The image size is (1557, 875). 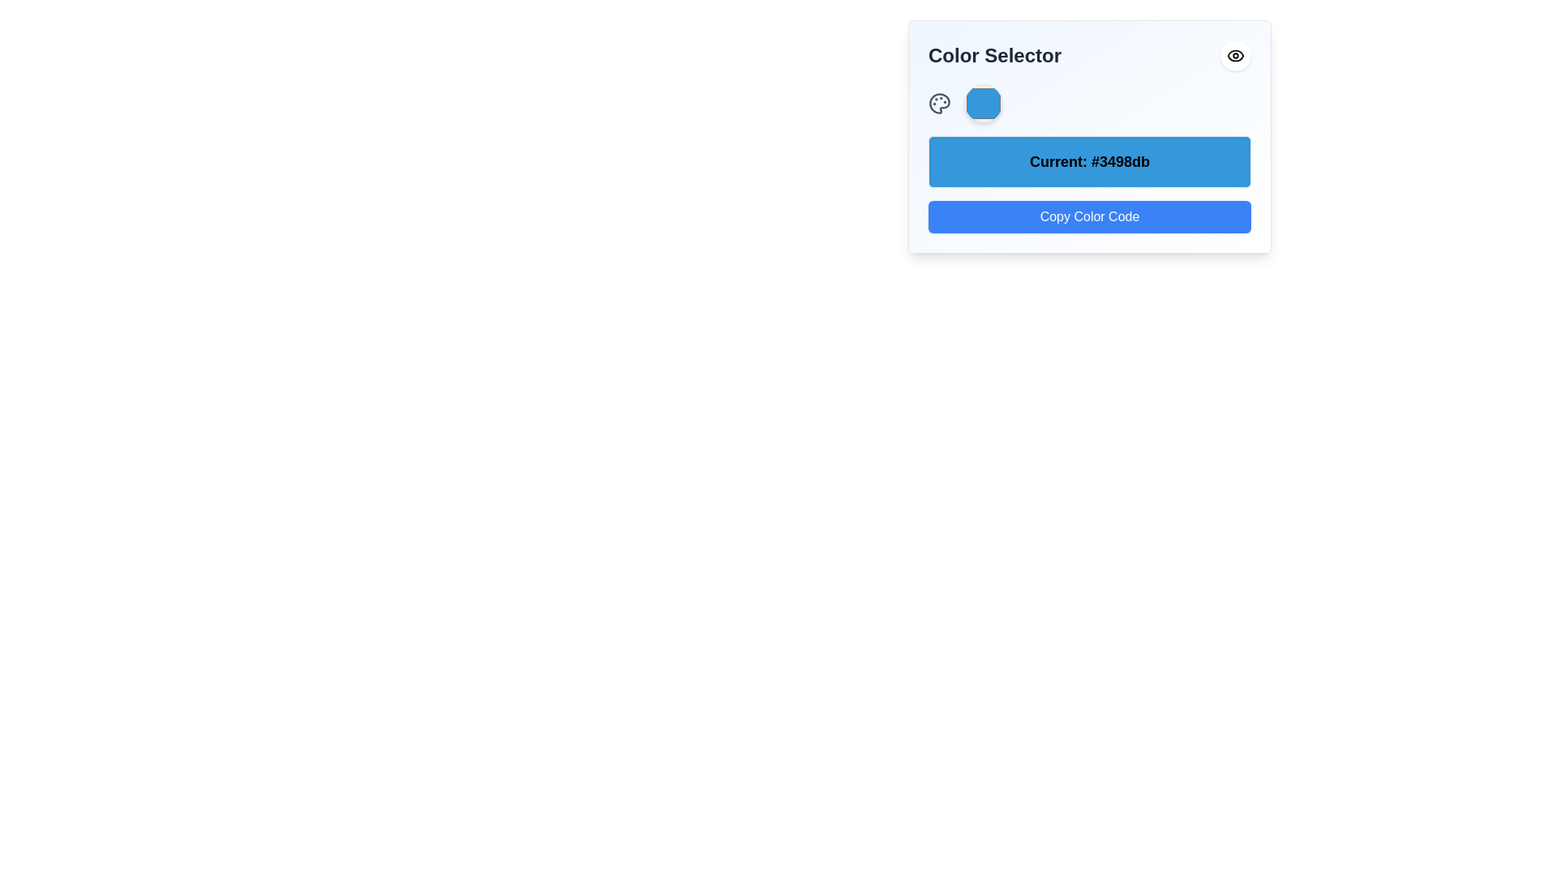 What do you see at coordinates (1090, 136) in the screenshot?
I see `the Label displaying the currently selected color code '#3498db', which is positioned in the middle of the color selector widget panel, below the color display circle and above the 'Copy Color Code' button` at bounding box center [1090, 136].